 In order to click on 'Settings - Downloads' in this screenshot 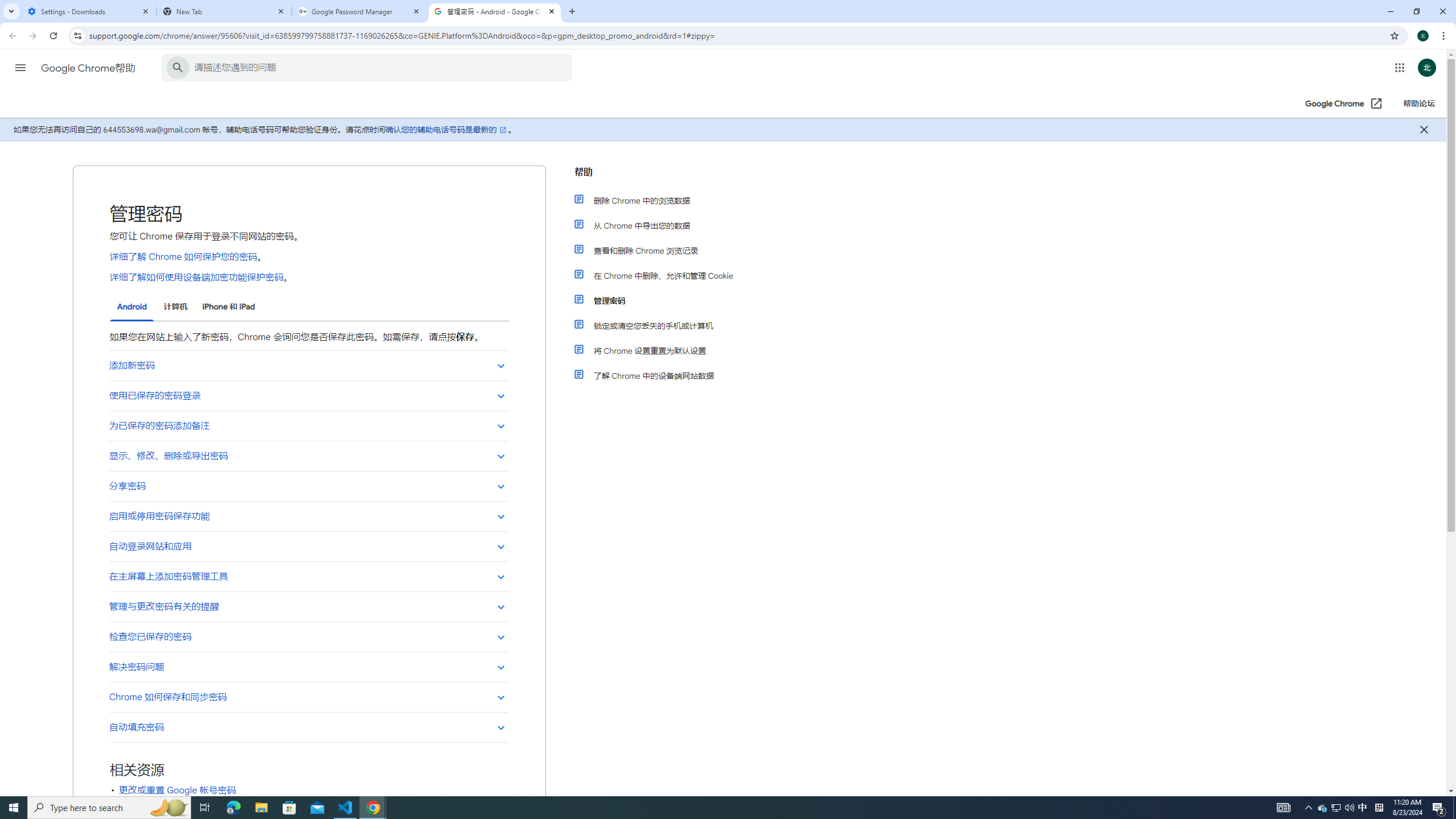, I will do `click(88, 11)`.